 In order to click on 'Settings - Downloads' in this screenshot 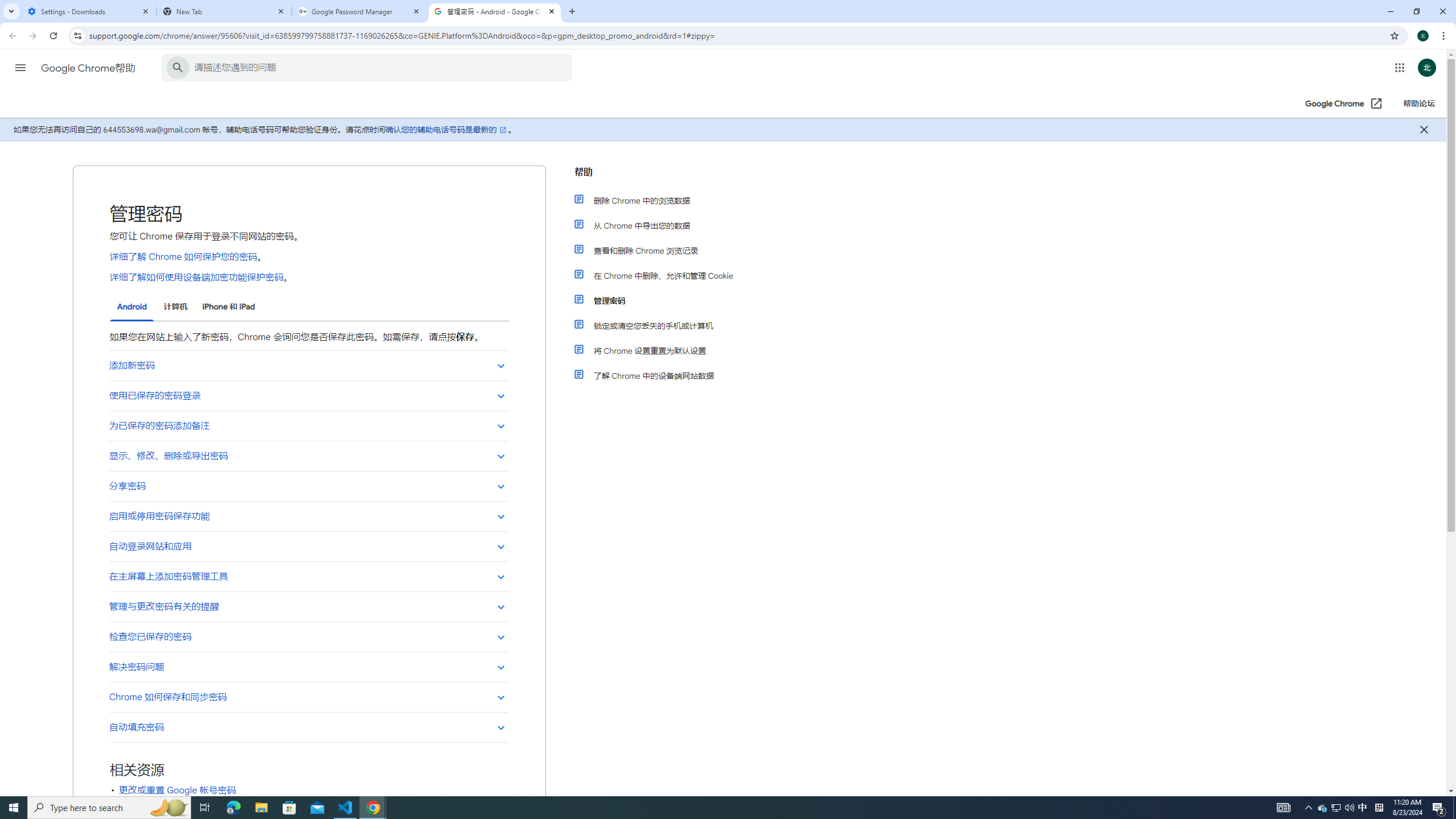, I will do `click(88, 11)`.